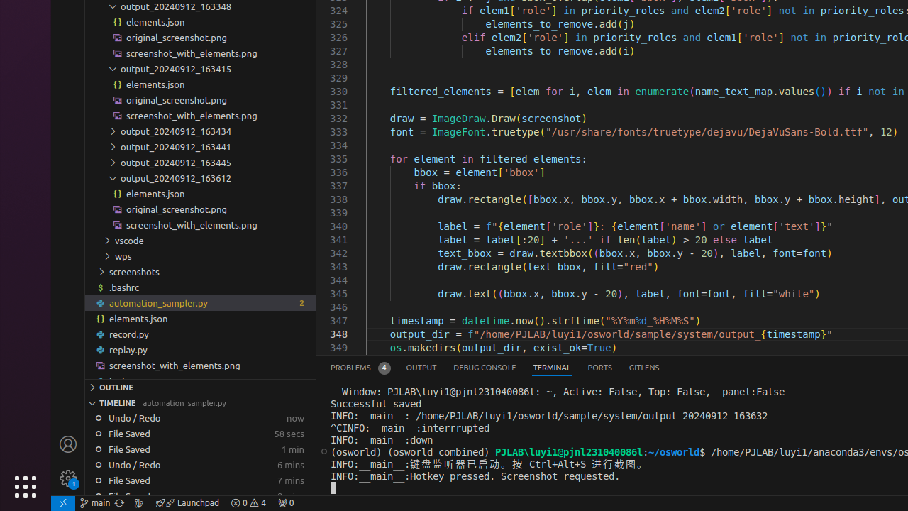 This screenshot has height=511, width=908. I want to click on 'output_20240912_163612', so click(199, 177).